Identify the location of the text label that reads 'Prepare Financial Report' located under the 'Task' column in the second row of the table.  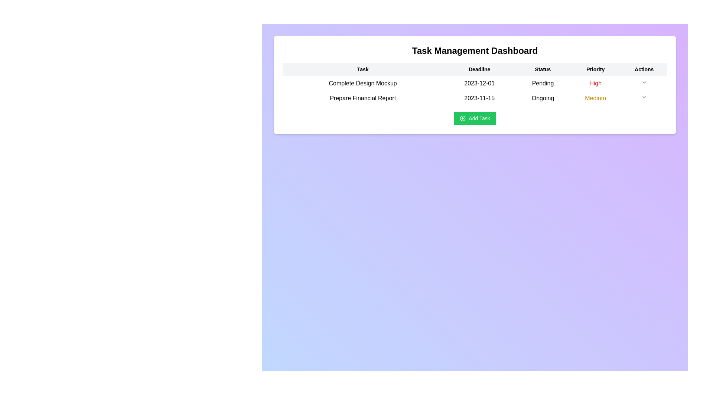
(363, 98).